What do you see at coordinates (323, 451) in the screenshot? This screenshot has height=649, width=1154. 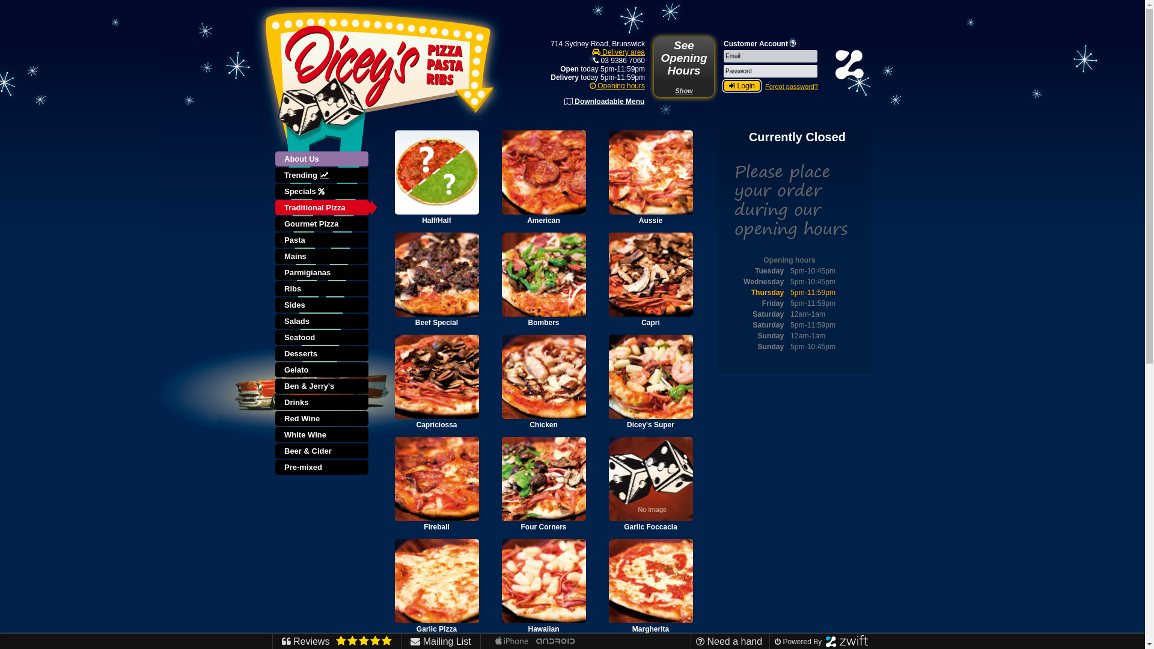 I see `'Beer & Cider'` at bounding box center [323, 451].